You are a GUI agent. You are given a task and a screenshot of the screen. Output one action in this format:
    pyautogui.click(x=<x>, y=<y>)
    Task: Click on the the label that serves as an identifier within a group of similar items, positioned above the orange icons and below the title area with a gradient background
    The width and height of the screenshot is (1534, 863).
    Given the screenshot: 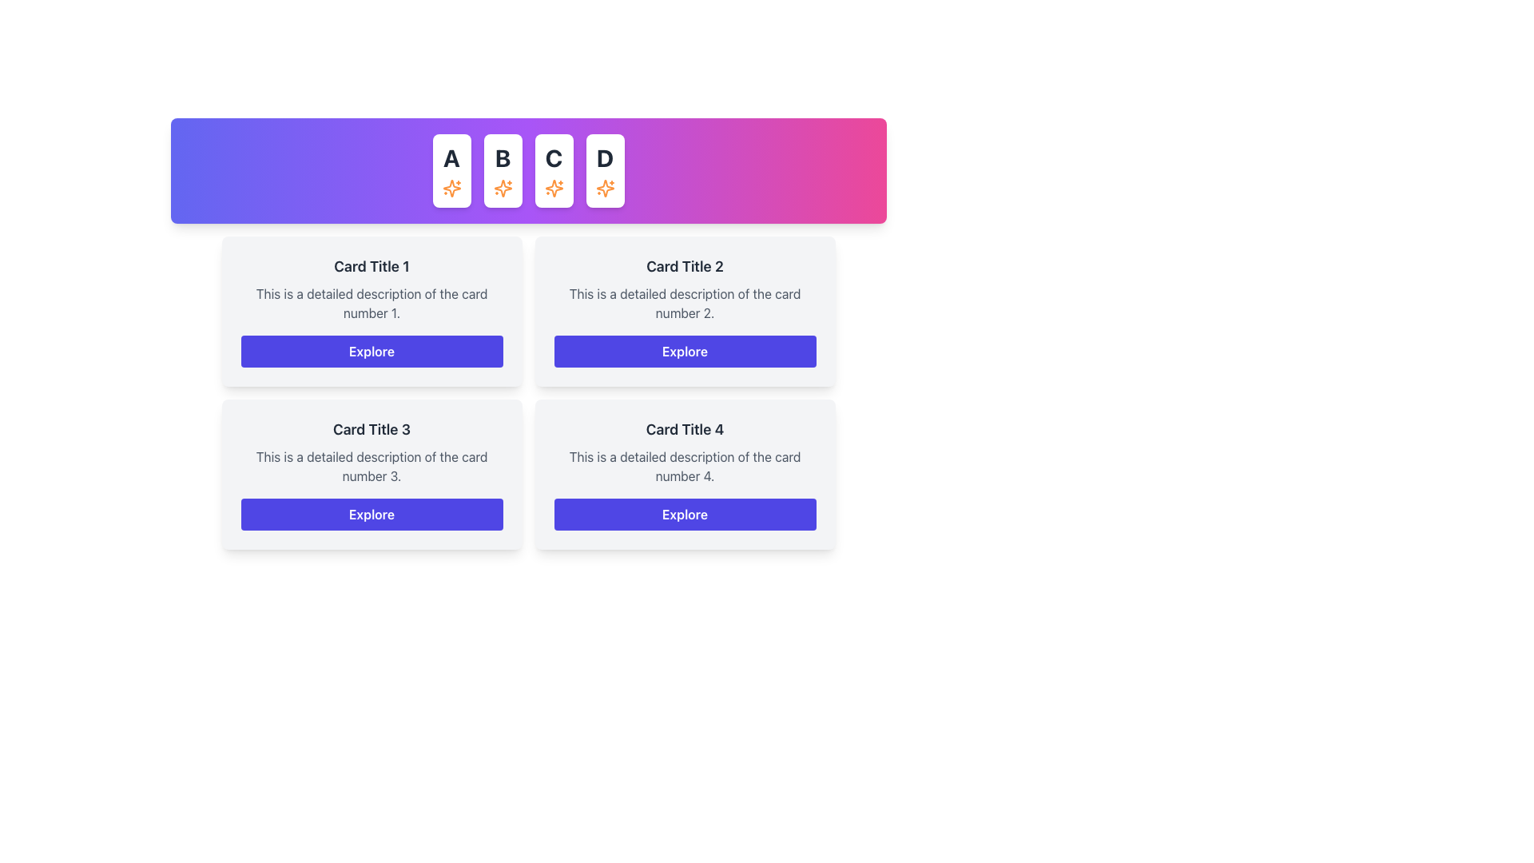 What is the action you would take?
    pyautogui.click(x=502, y=157)
    